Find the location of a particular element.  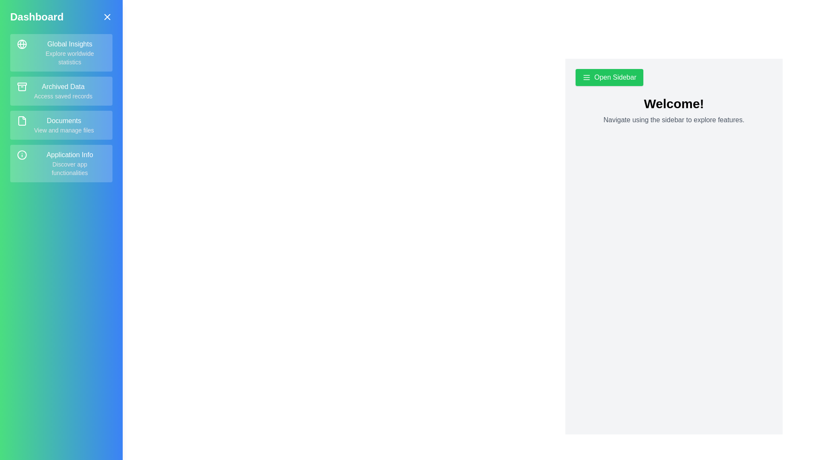

the 'Open Sidebar' button to toggle the sidebar visibility is located at coordinates (609, 77).